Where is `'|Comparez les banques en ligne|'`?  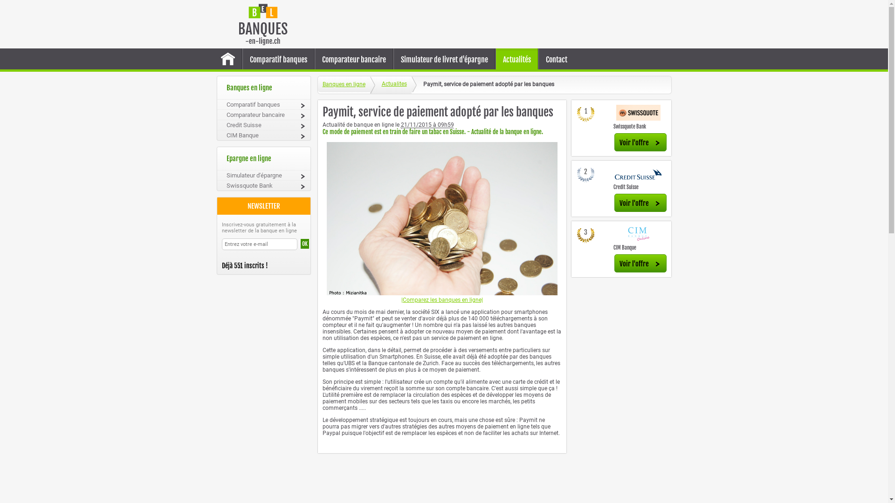
'|Comparez les banques en ligne|' is located at coordinates (441, 300).